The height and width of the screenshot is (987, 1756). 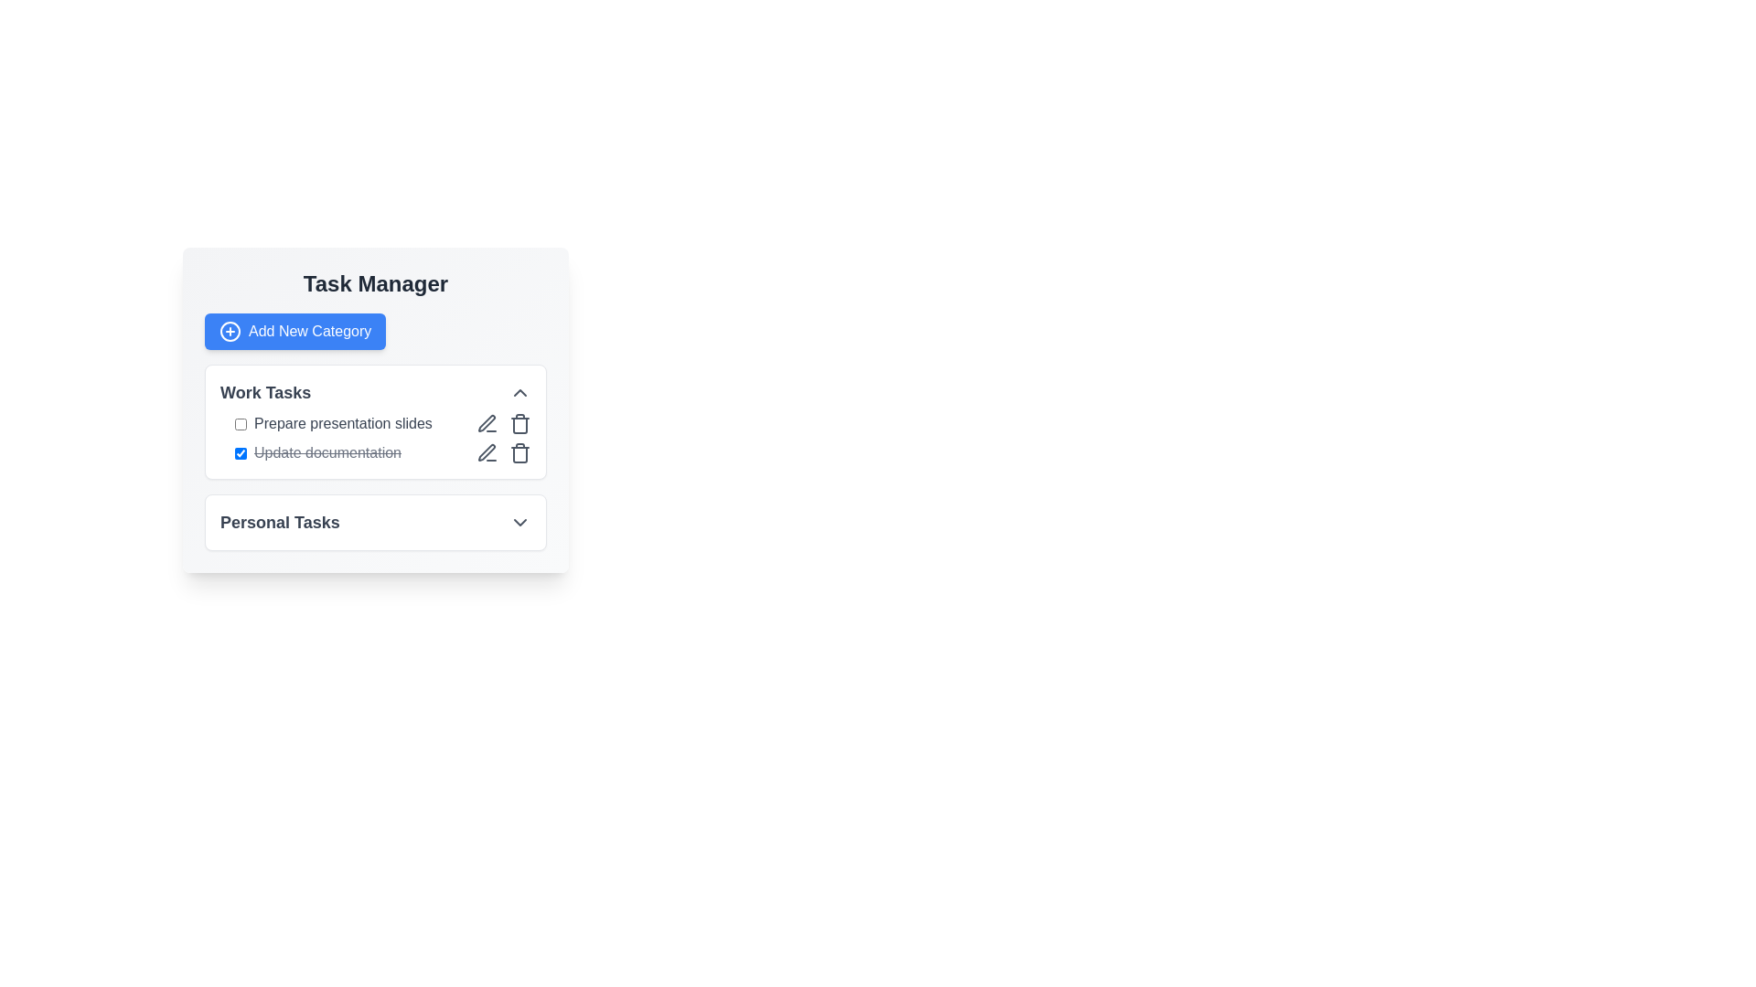 I want to click on the pen icon button located in the 'Work Tasks' section, which is styled with a simple outline design and changes color to blue on hover, so click(x=487, y=423).